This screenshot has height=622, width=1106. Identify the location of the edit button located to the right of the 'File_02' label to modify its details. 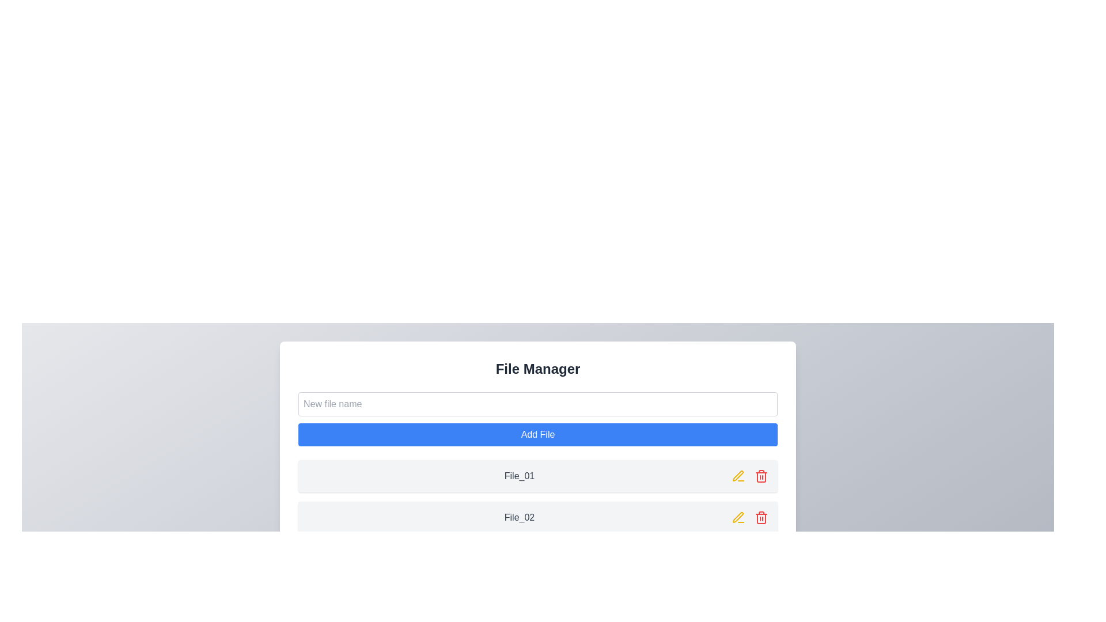
(738, 517).